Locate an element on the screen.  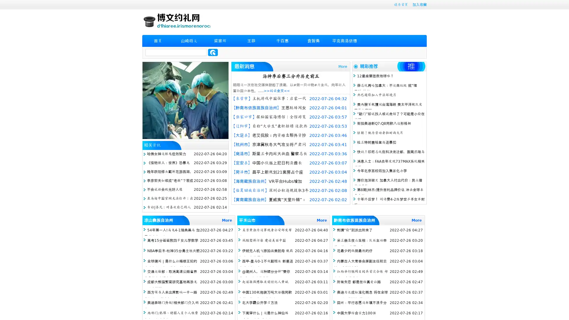
Search is located at coordinates (213, 52).